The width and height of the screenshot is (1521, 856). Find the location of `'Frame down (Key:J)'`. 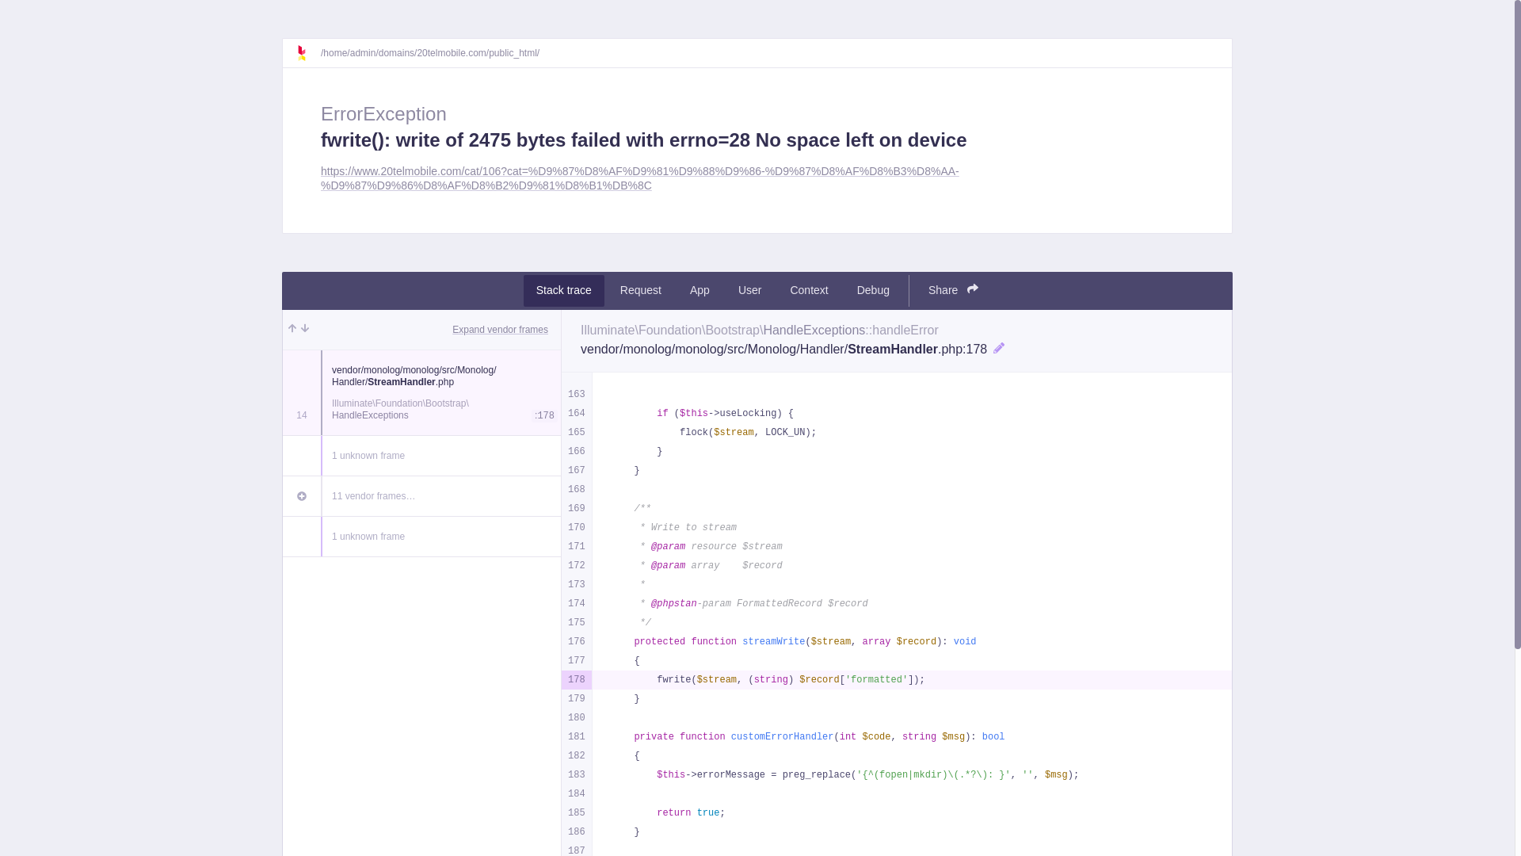

'Frame down (Key:J)' is located at coordinates (304, 328).